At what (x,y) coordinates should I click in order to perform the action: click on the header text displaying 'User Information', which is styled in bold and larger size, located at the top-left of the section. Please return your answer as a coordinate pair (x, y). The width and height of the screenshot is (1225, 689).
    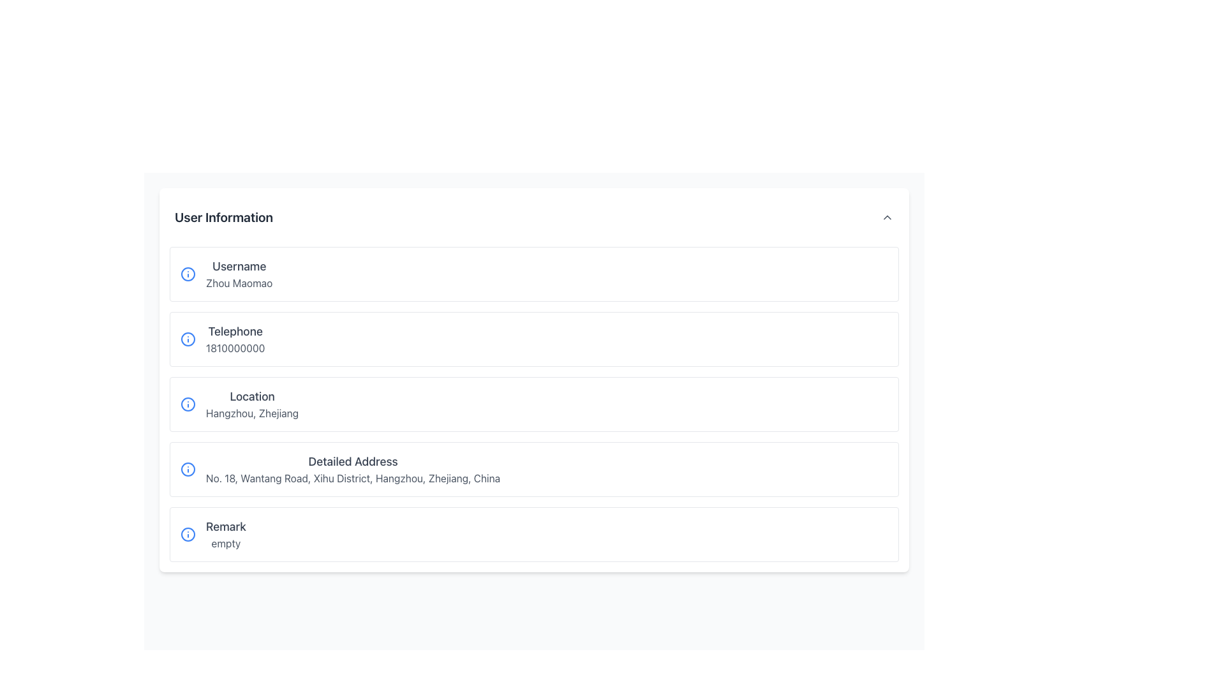
    Looking at the image, I should click on (223, 216).